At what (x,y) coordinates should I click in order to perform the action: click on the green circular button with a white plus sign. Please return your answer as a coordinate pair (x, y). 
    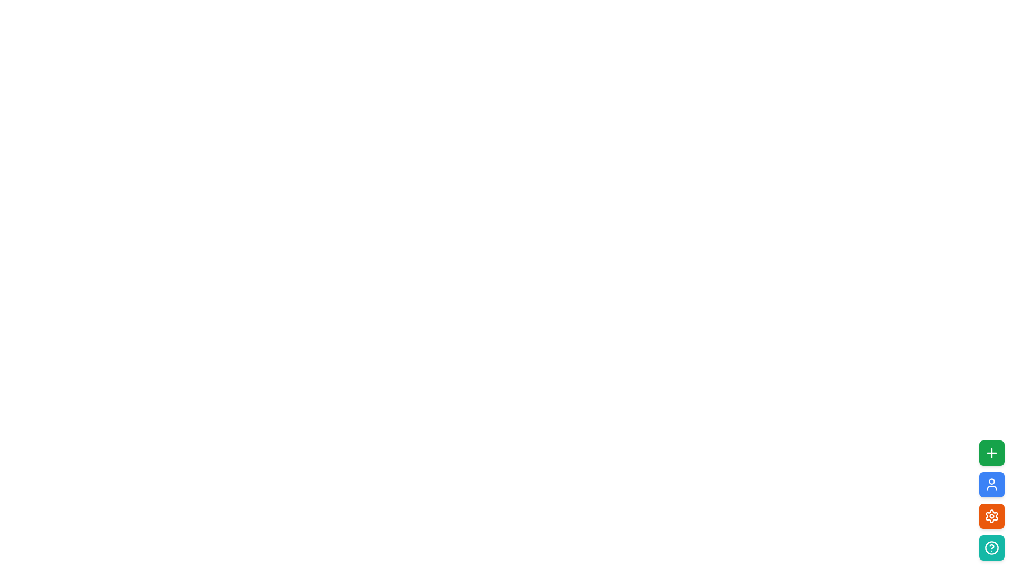
    Looking at the image, I should click on (991, 453).